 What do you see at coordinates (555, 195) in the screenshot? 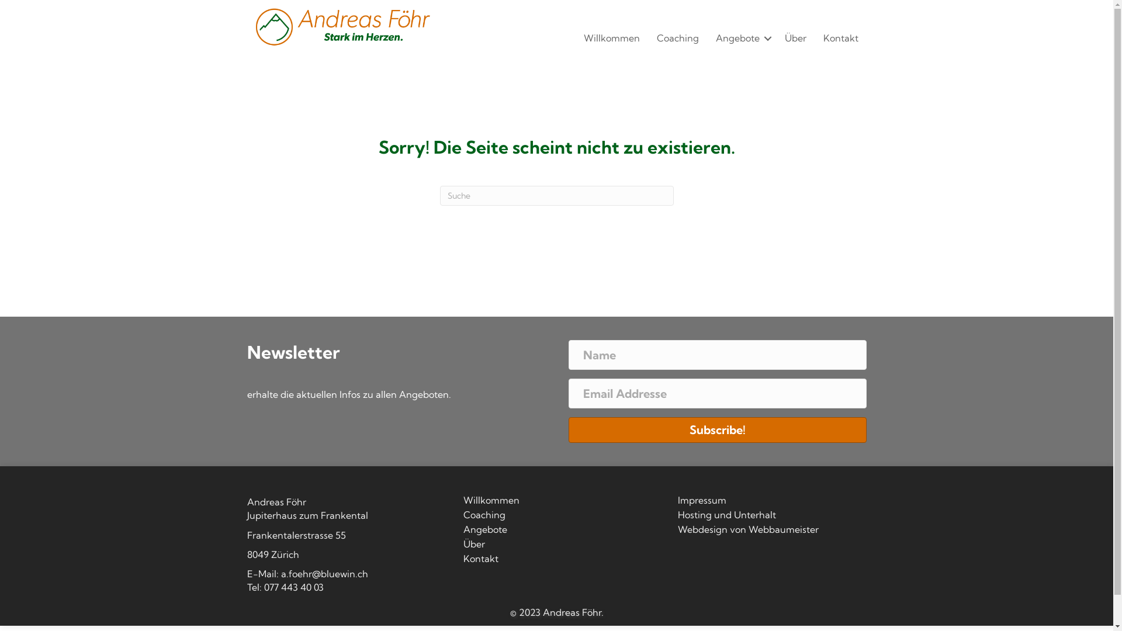
I see `'Suchbegriff hier eingeben ...'` at bounding box center [555, 195].